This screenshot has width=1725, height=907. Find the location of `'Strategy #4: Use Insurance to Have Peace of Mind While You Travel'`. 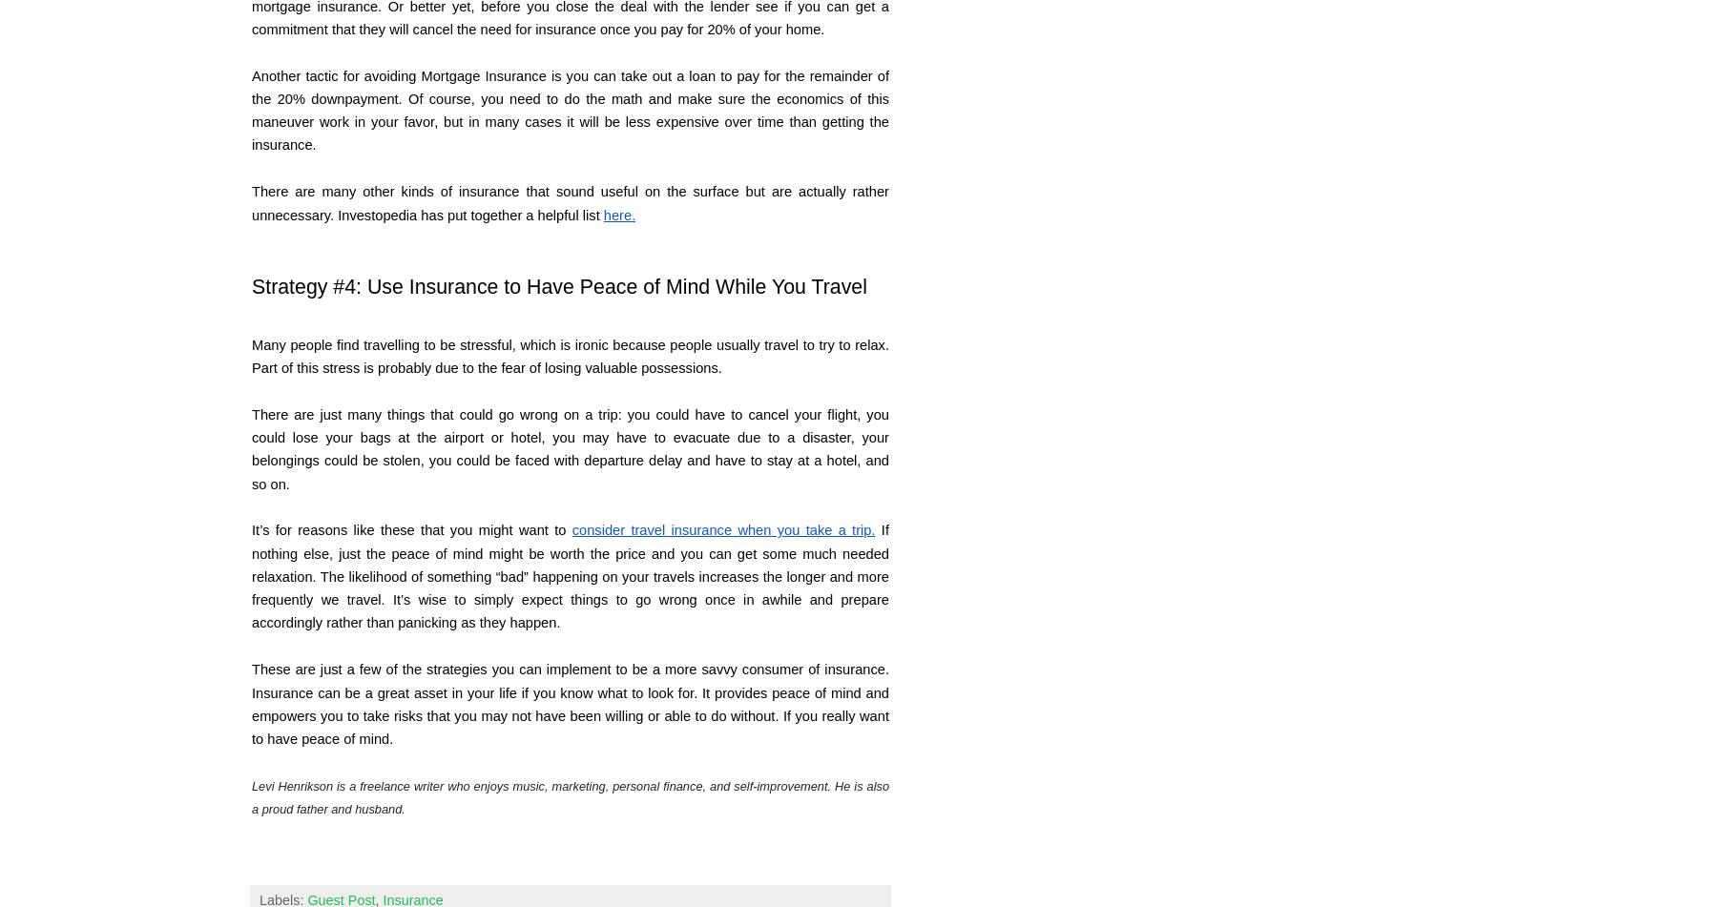

'Strategy #4: Use Insurance to Have Peace of Mind While You Travel' is located at coordinates (557, 286).